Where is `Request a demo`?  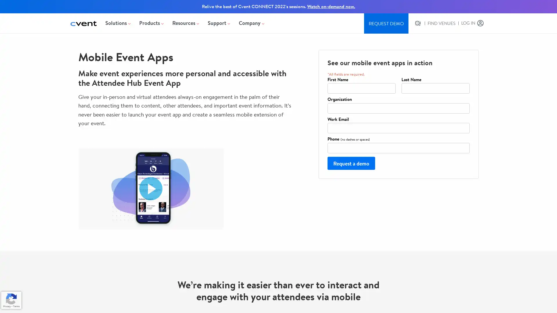 Request a demo is located at coordinates (351, 163).